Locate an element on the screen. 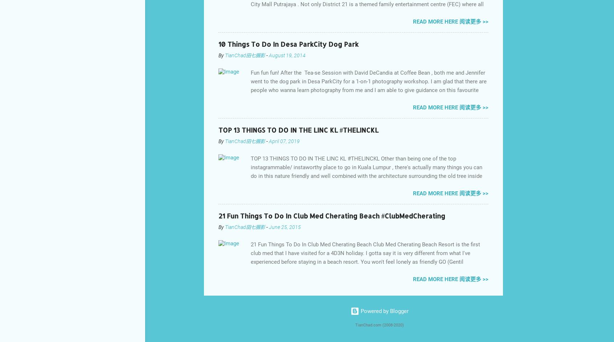 The width and height of the screenshot is (614, 342). 'August 19, 2014' is located at coordinates (287, 55).